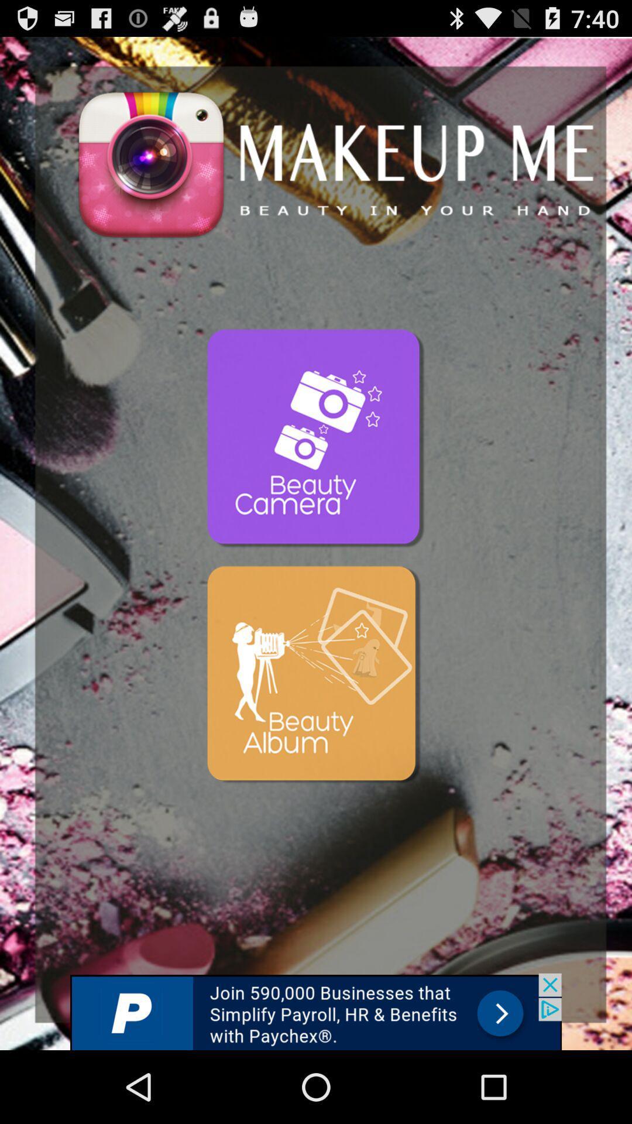 The width and height of the screenshot is (632, 1124). What do you see at coordinates (316, 1011) in the screenshot?
I see `advertisement page` at bounding box center [316, 1011].